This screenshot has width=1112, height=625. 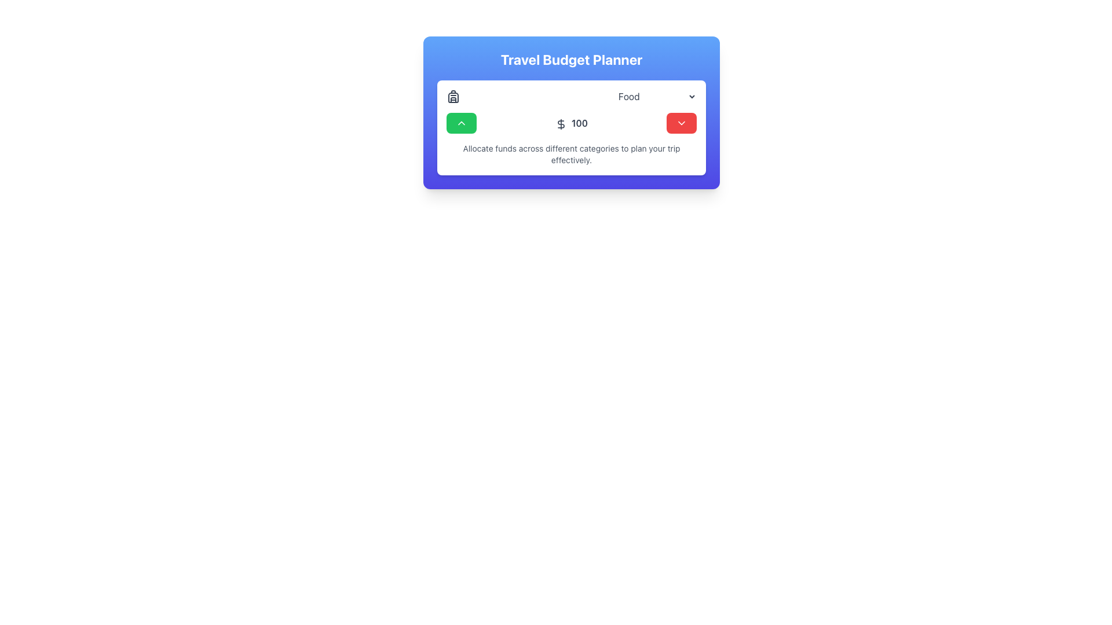 I want to click on an option from the active Dropdown menu displaying 'Food', 'Accommodation', 'Transport', and 'Recreation' located in the categorized budgeting section, so click(x=656, y=95).